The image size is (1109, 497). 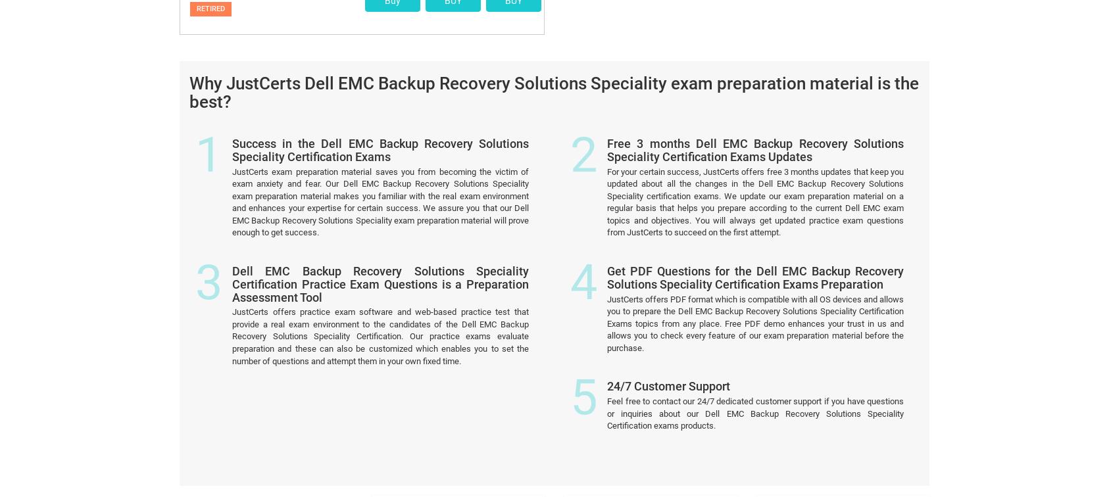 What do you see at coordinates (208, 110) in the screenshot?
I see `'3'` at bounding box center [208, 110].